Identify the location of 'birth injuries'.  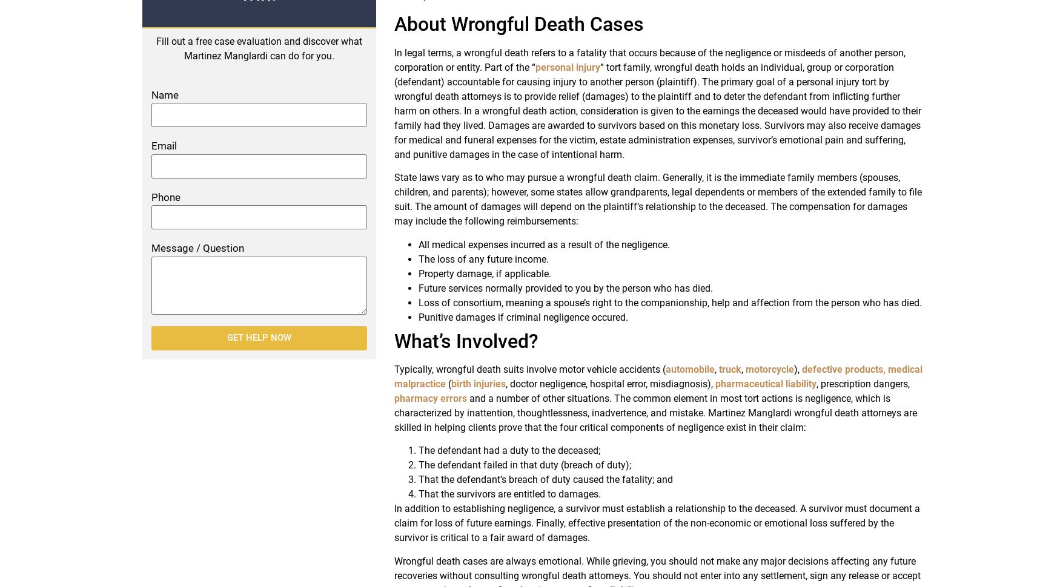
(477, 382).